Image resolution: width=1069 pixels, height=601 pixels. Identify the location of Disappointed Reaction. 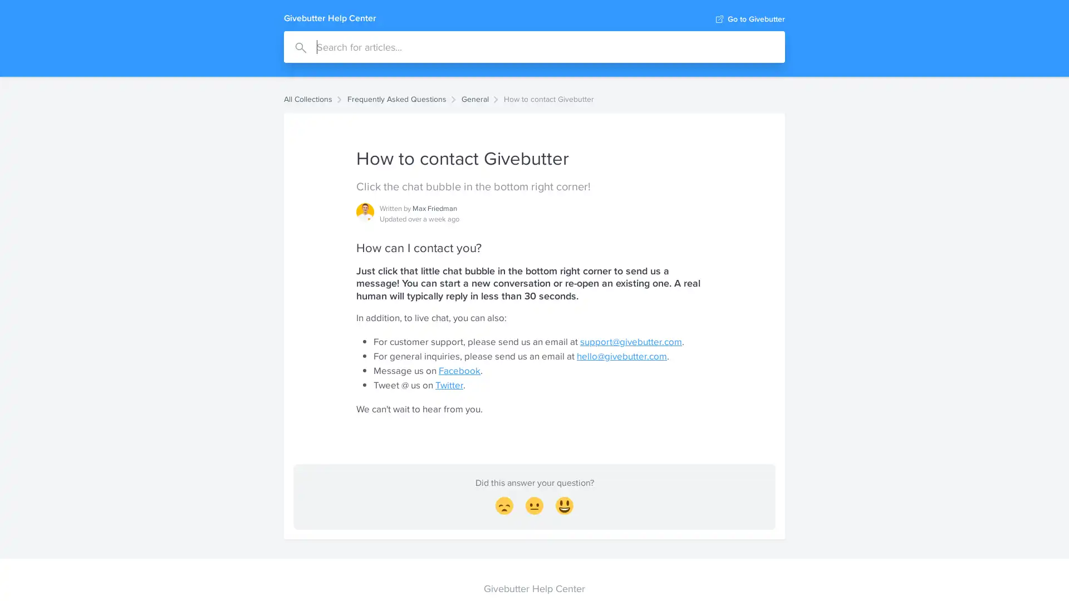
(504, 507).